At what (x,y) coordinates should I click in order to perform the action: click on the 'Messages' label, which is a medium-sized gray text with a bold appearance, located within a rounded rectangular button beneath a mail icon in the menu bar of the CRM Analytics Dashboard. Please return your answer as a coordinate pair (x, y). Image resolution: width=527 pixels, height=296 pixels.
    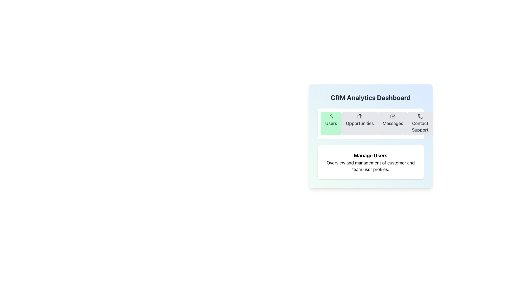
    Looking at the image, I should click on (393, 123).